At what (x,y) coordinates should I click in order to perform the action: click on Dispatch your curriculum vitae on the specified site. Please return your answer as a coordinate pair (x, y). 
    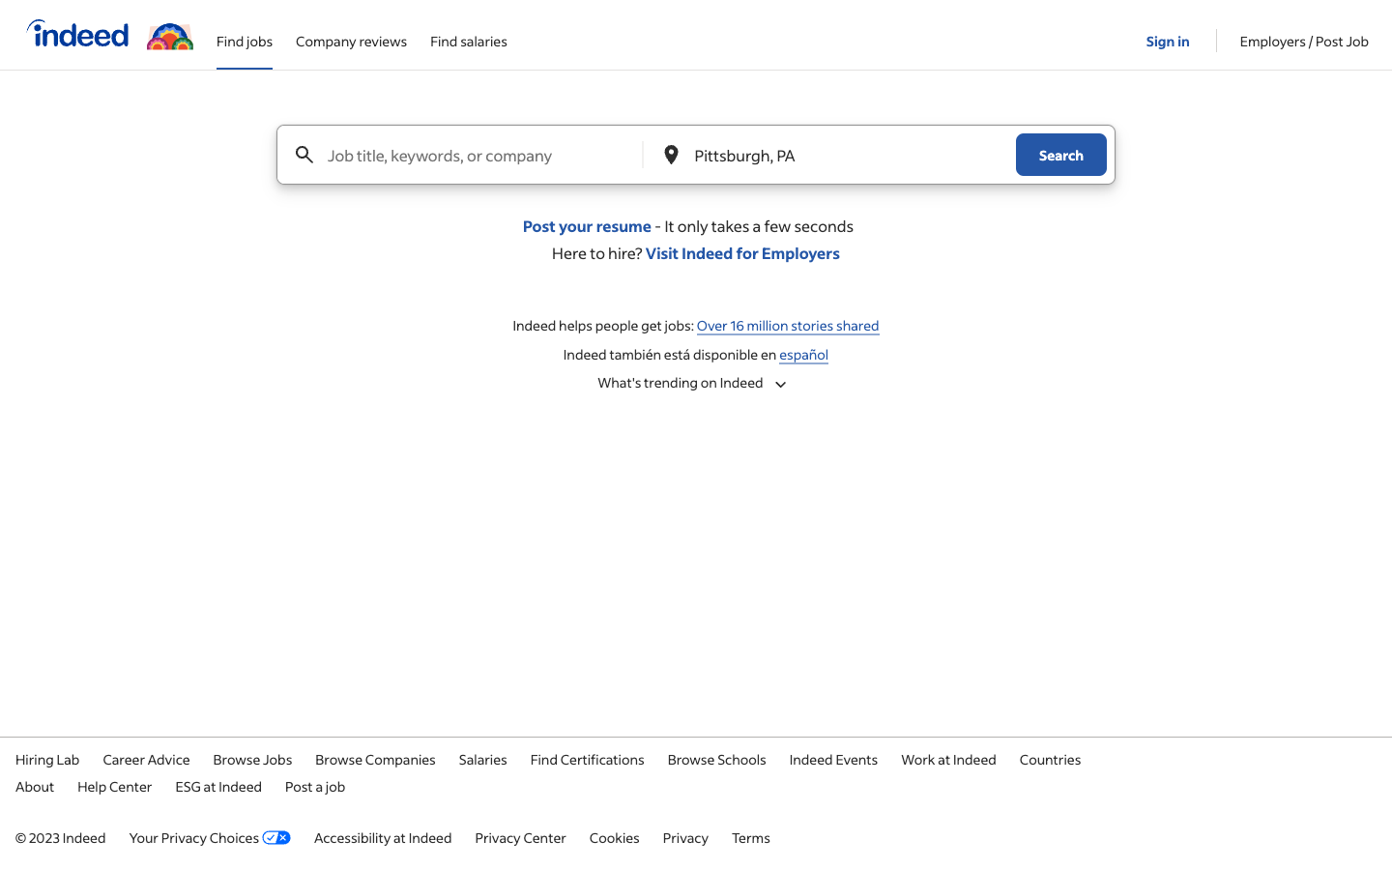
    Looking at the image, I should click on (586, 224).